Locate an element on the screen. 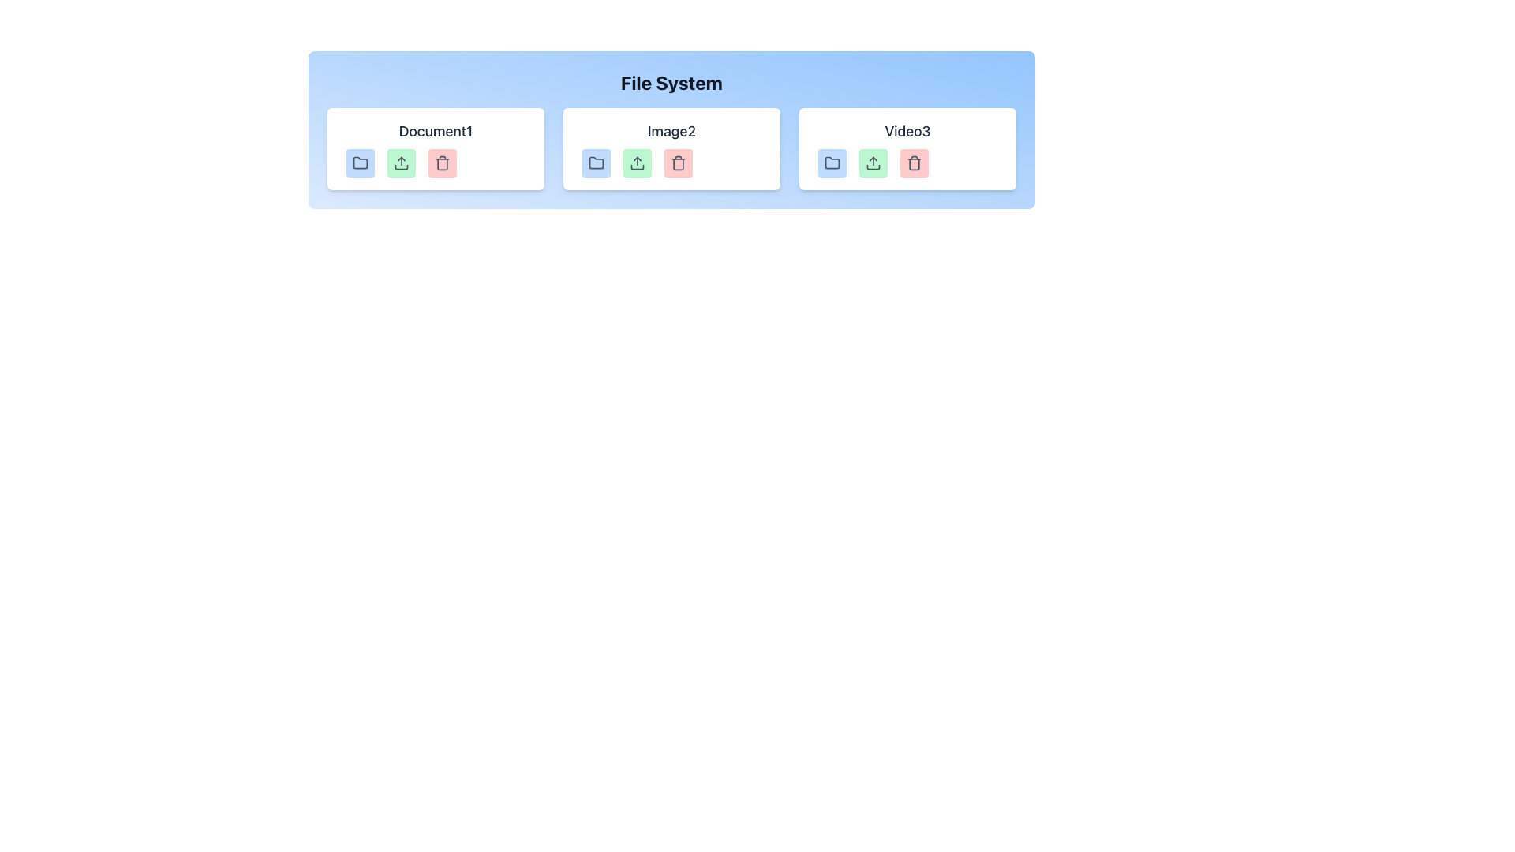  the trash can icon button on the light red circular background within the 'Image2' module is located at coordinates (678, 163).